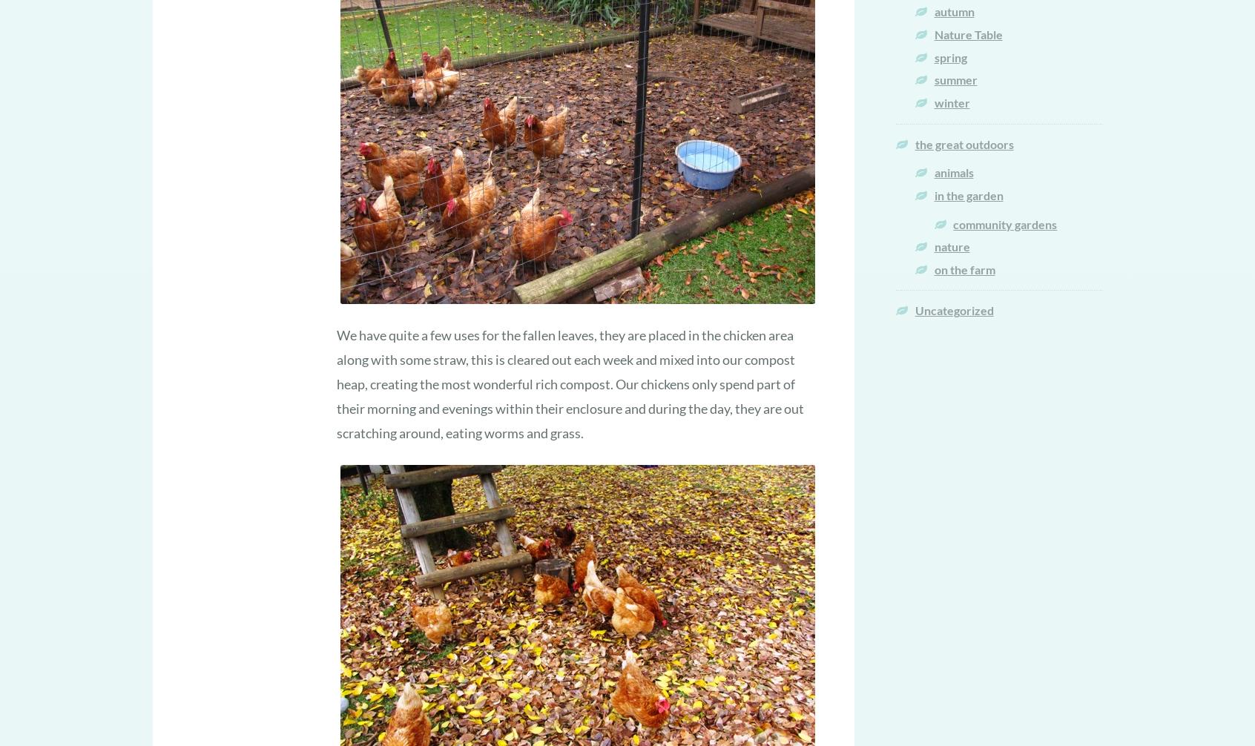  I want to click on 'Nature Table', so click(967, 34).